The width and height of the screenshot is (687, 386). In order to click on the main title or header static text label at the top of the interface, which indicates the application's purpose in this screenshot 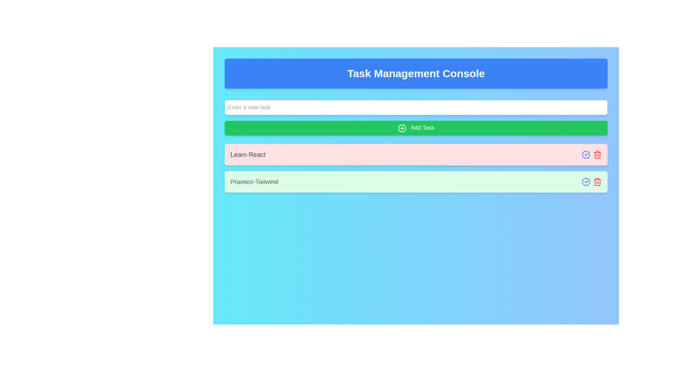, I will do `click(416, 73)`.